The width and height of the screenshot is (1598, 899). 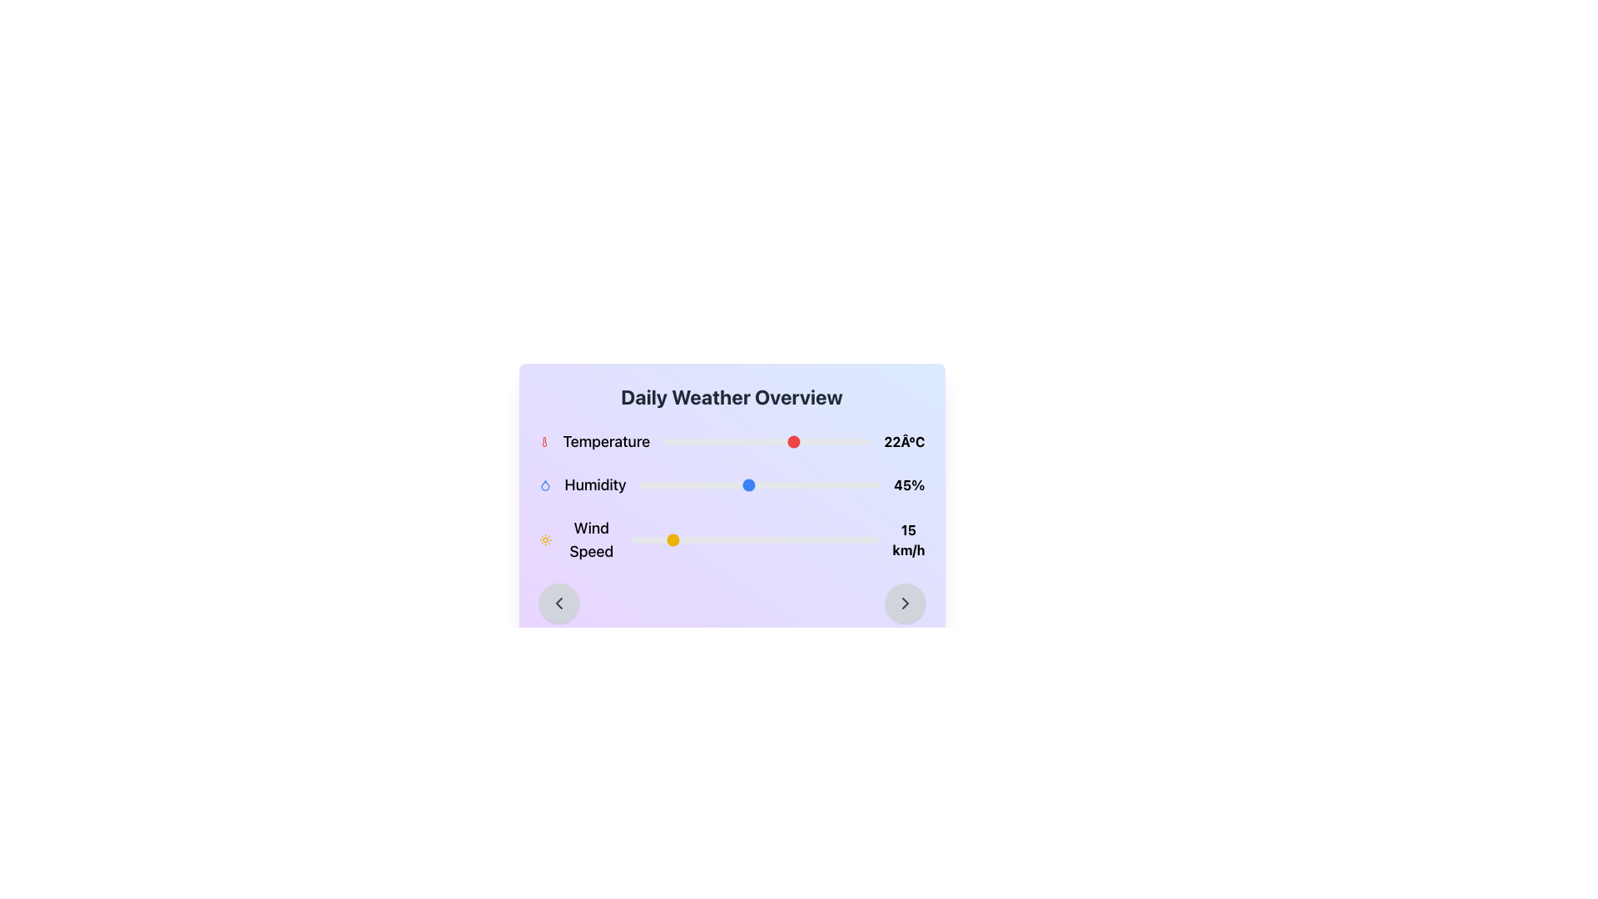 What do you see at coordinates (658, 484) in the screenshot?
I see `the humidity level` at bounding box center [658, 484].